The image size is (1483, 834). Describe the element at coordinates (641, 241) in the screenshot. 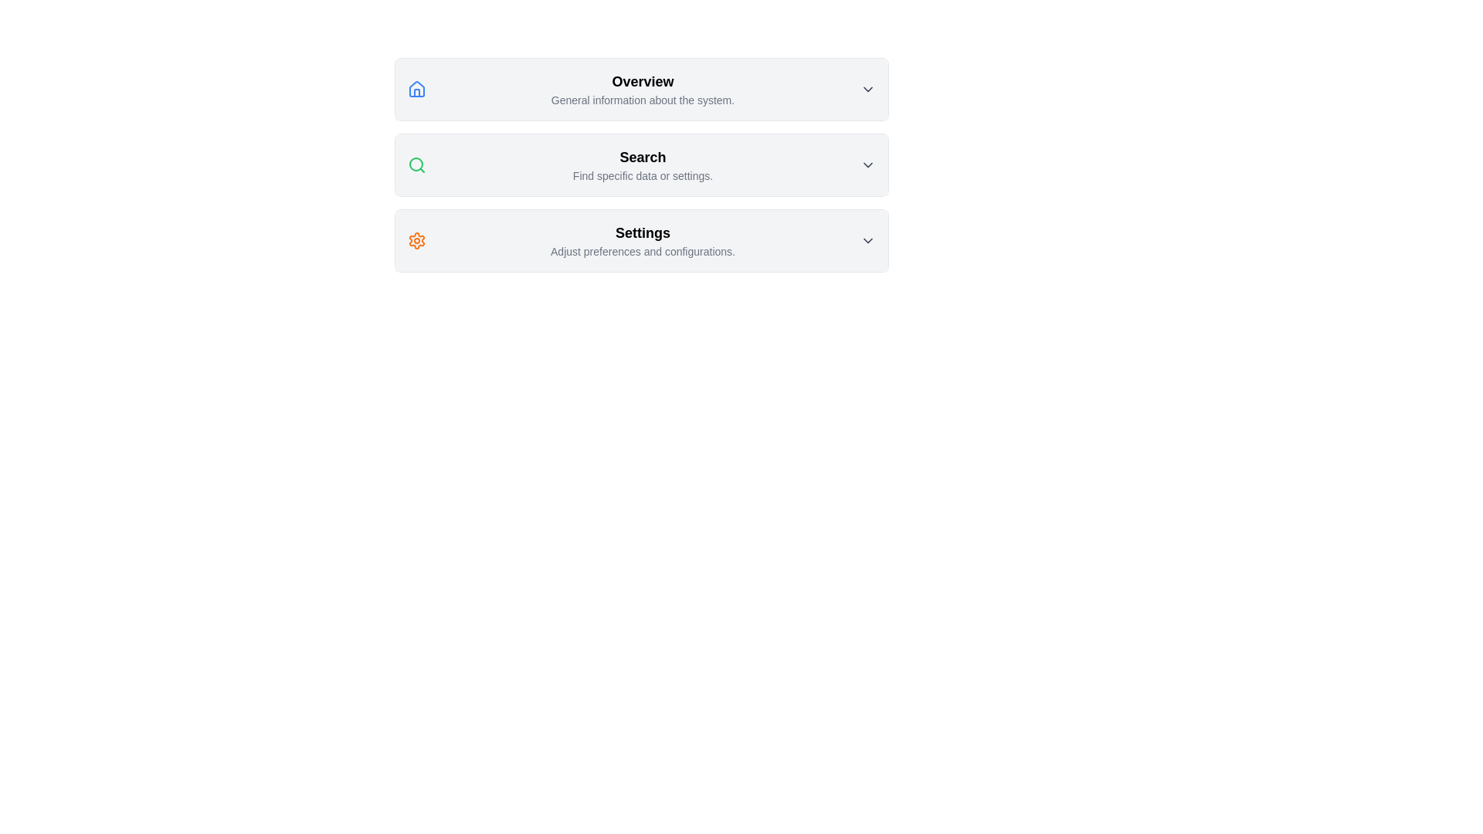

I see `the 'Settings' collapsible panel header` at that location.